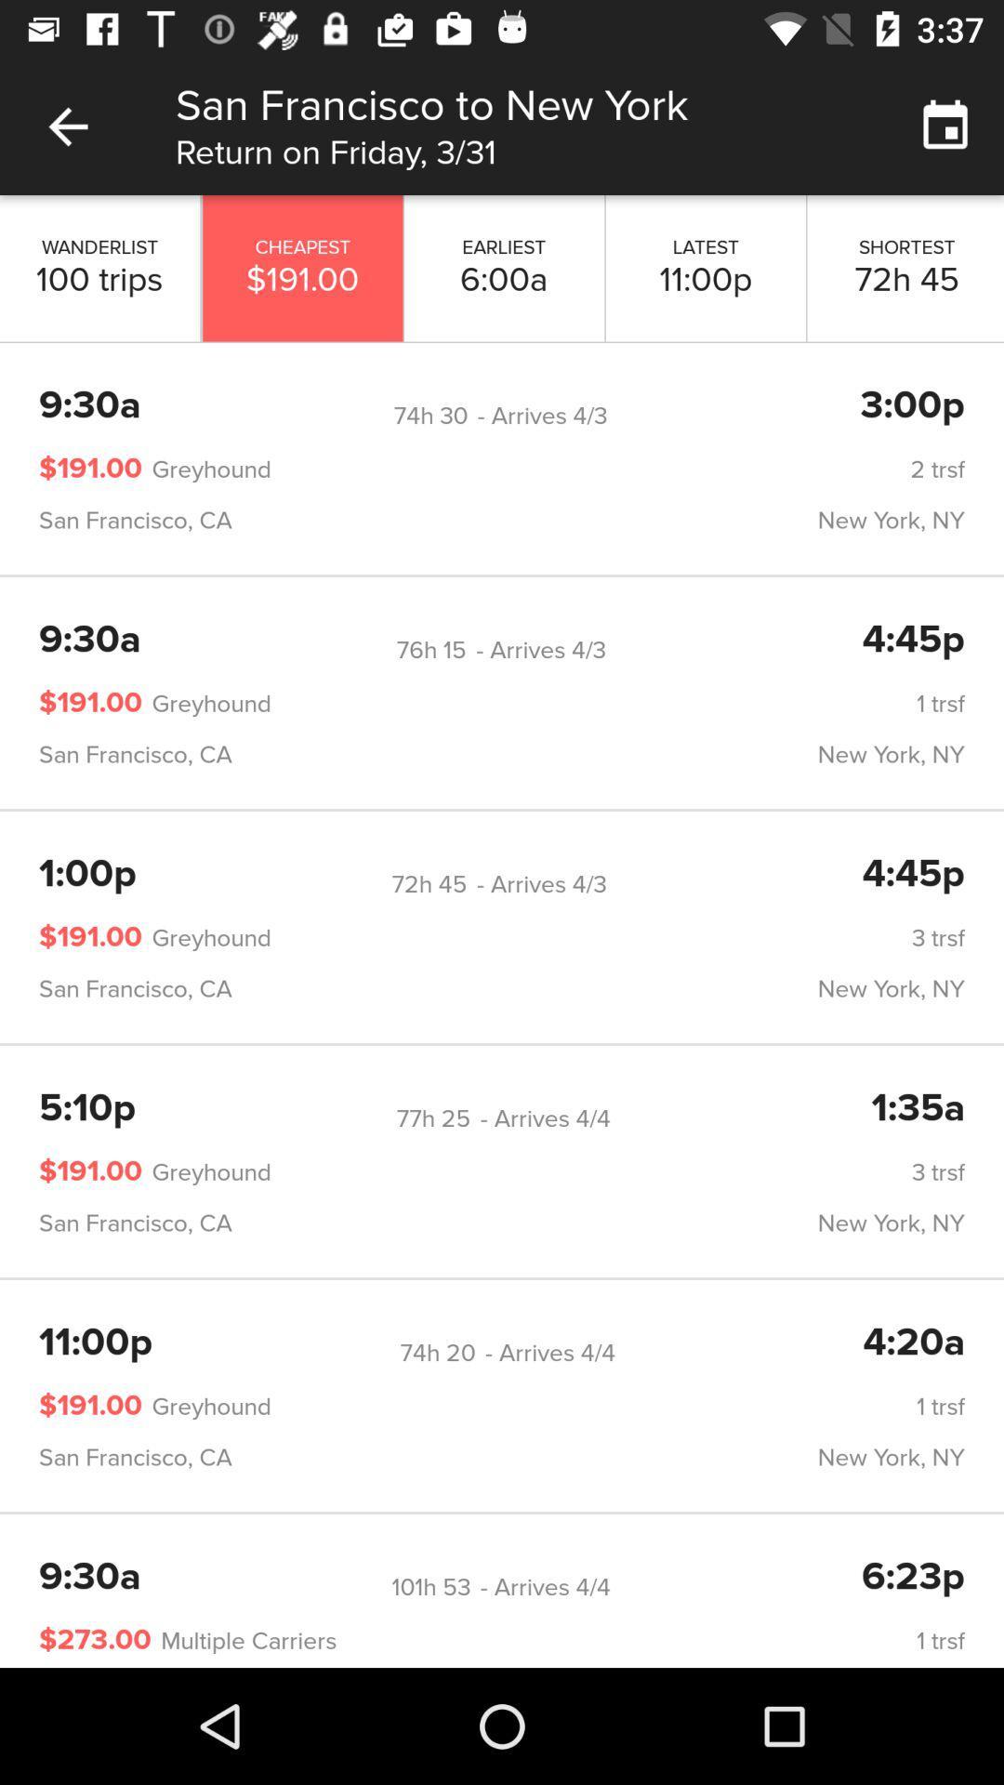 This screenshot has width=1004, height=1785. Describe the element at coordinates (431, 650) in the screenshot. I see `the icon to the right of the 9:30a item` at that location.